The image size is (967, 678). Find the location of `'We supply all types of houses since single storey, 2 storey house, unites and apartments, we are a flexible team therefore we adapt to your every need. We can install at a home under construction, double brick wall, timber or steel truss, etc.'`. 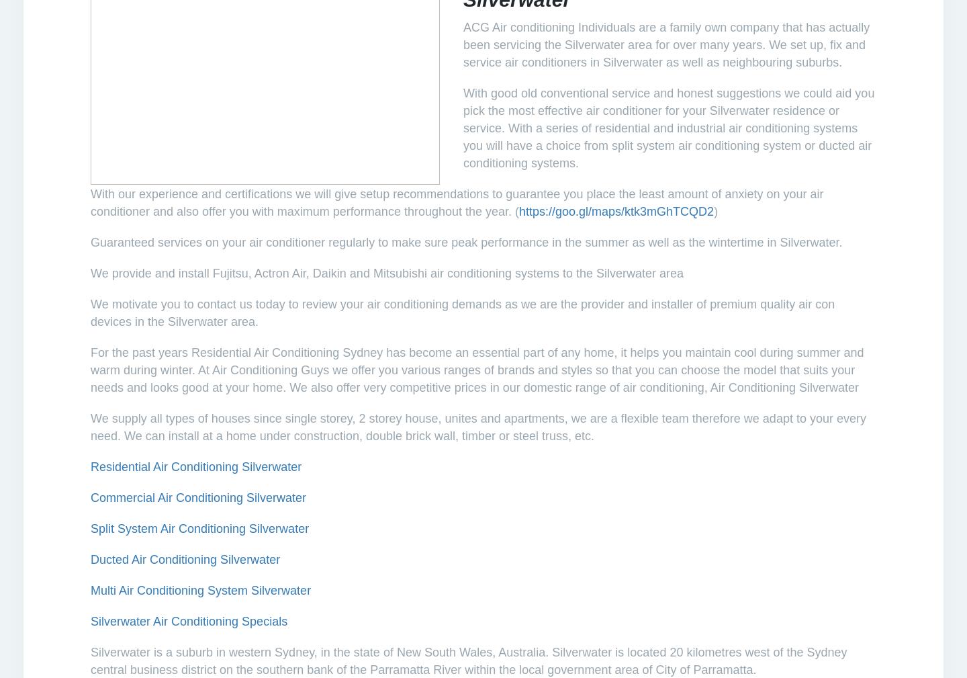

'We supply all types of houses since single storey, 2 storey house, unites and apartments, we are a flexible team therefore we adapt to your every need. We can install at a home under construction, double brick wall, timber or steel truss, etc.' is located at coordinates (90, 427).